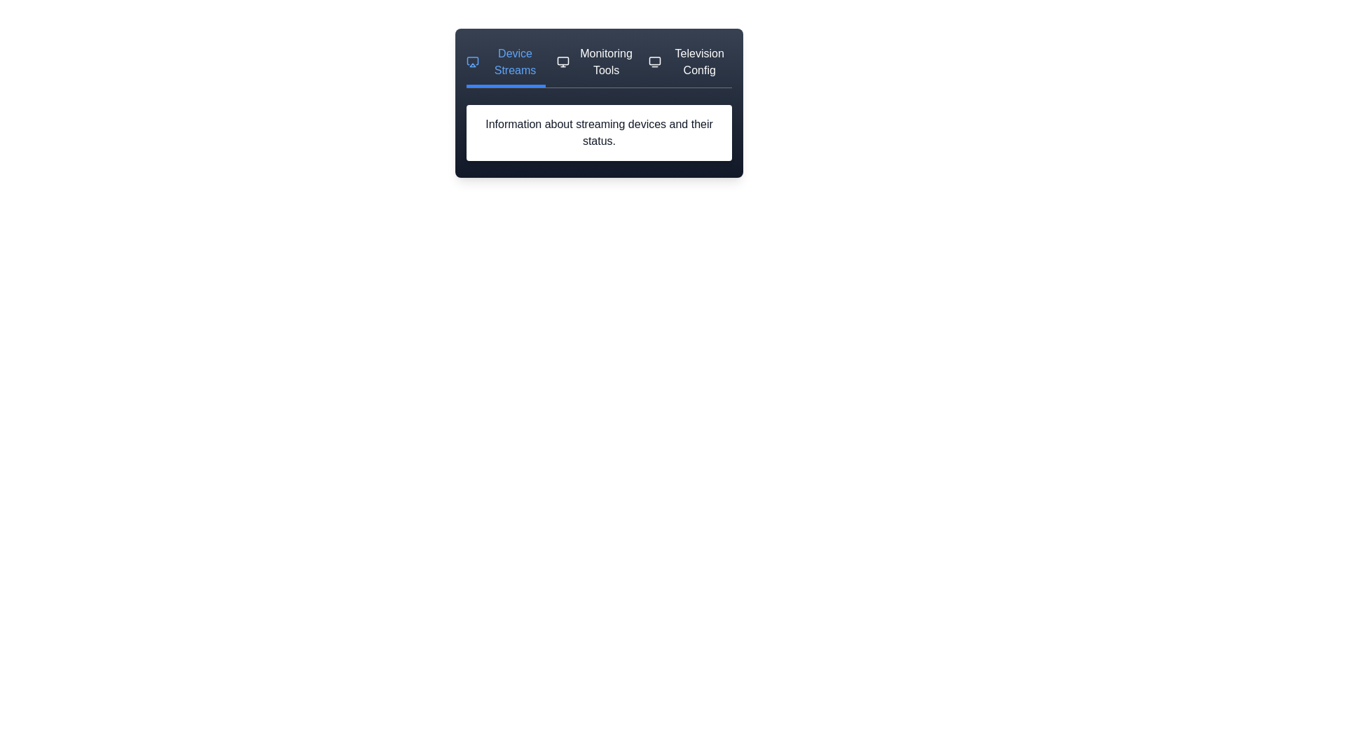 Image resolution: width=1345 pixels, height=756 pixels. Describe the element at coordinates (654, 61) in the screenshot. I see `the icon next to the tab labeled Television Config` at that location.